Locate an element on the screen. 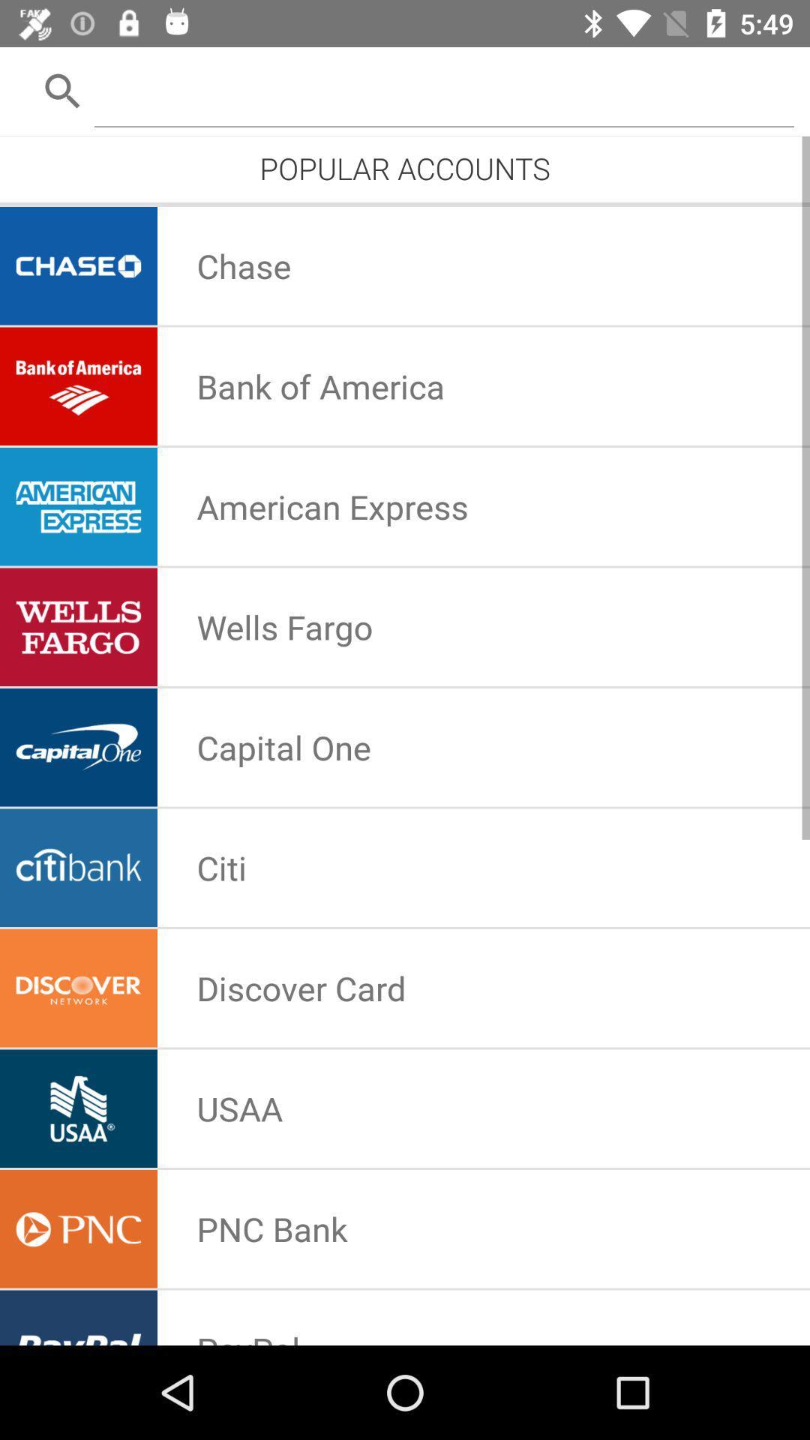 The height and width of the screenshot is (1440, 810). capital one is located at coordinates (283, 747).